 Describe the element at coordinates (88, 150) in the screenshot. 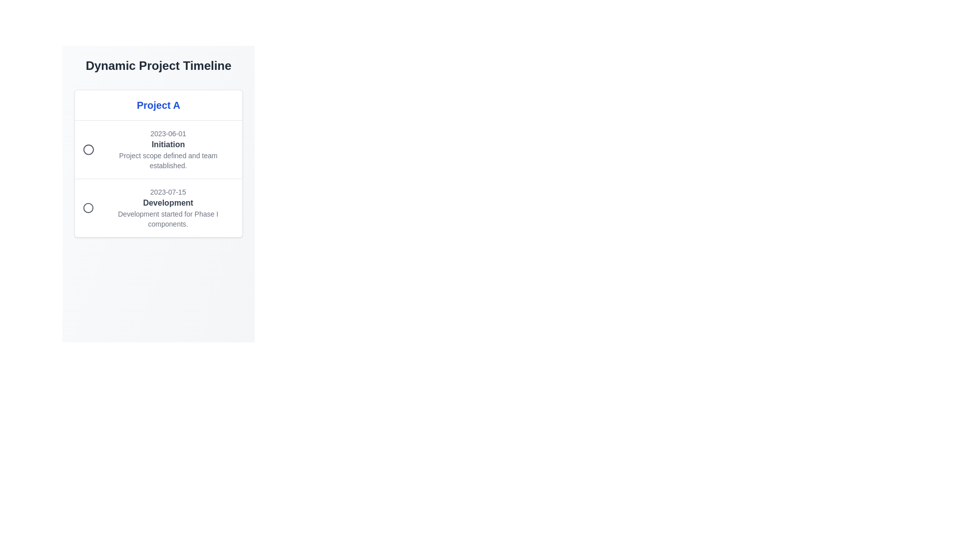

I see `the milestone marker icon indicating the 'Initiation' phase in the 'Dynamic Project Timeline', located on the left of the text descriptions` at that location.